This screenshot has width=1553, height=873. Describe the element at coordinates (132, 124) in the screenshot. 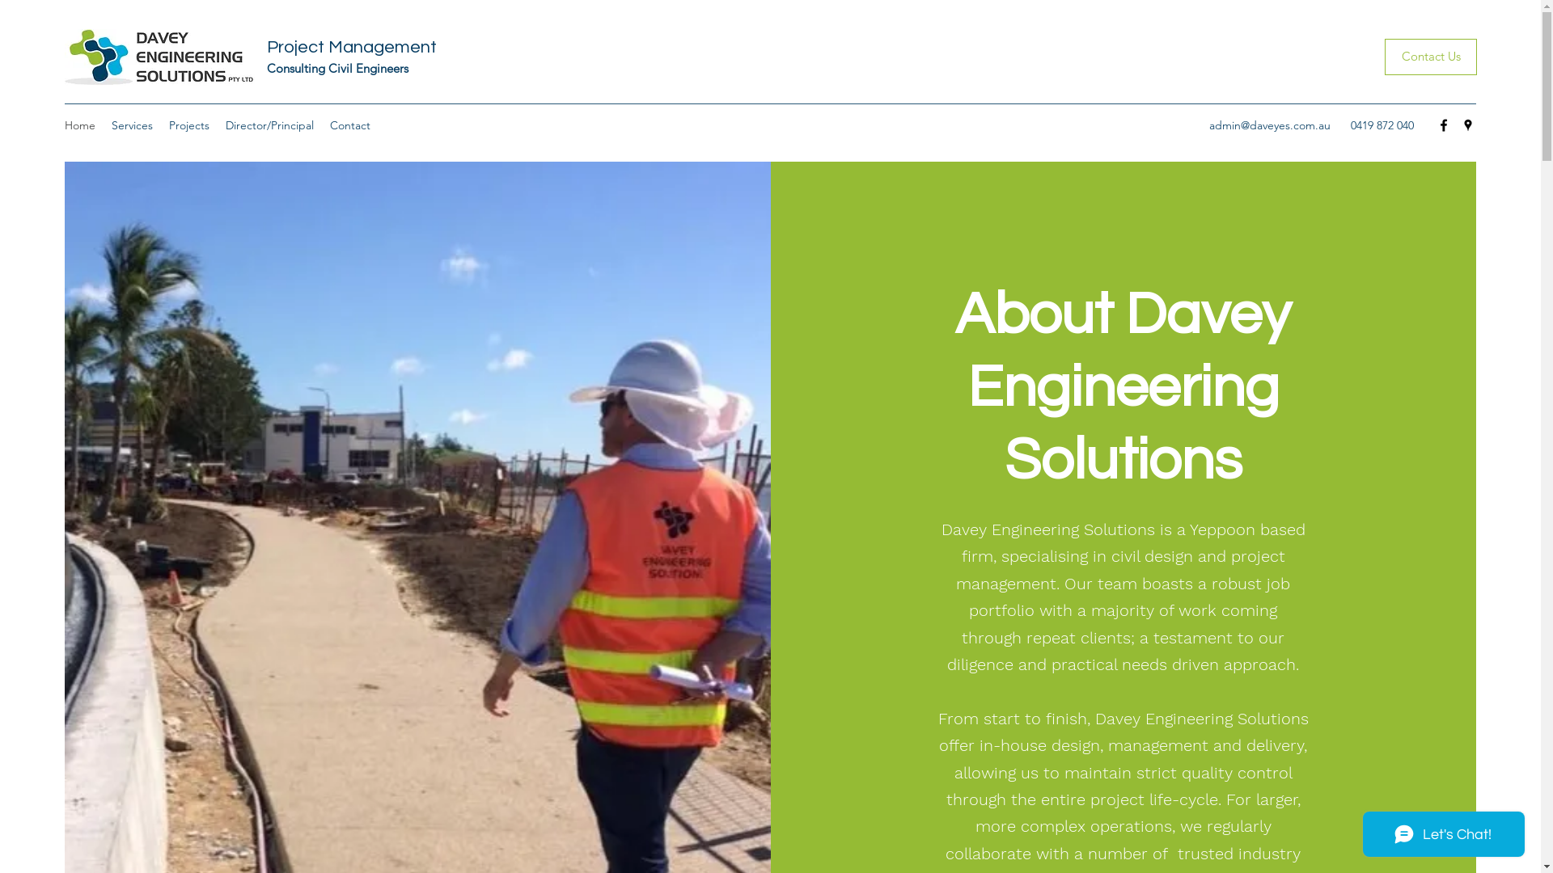

I see `'Services'` at that location.